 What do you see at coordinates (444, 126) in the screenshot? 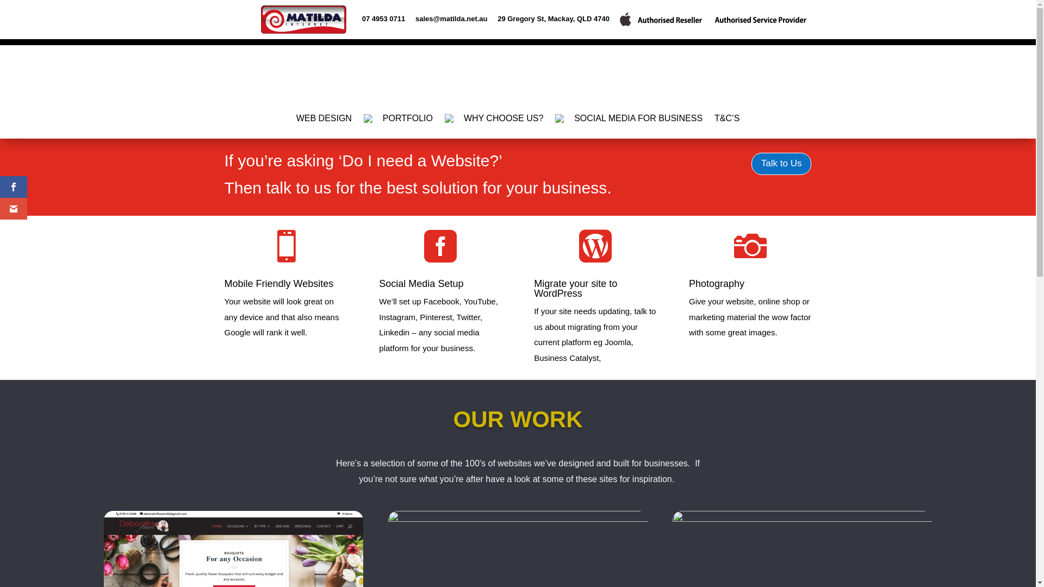
I see `'  WHY CHOOSE US?'` at bounding box center [444, 126].